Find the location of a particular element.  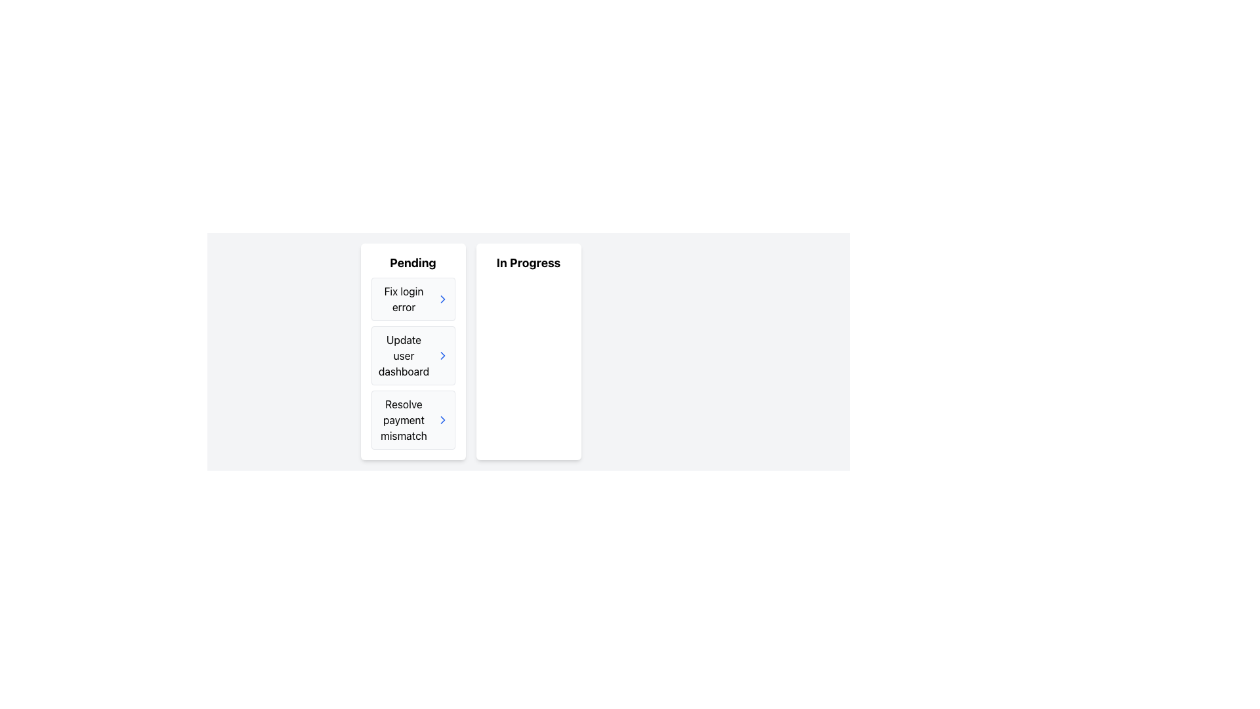

the second item in the 'Pending' panel, which has a light gray background and black text reading 'Update user dashboard' is located at coordinates (412, 356).